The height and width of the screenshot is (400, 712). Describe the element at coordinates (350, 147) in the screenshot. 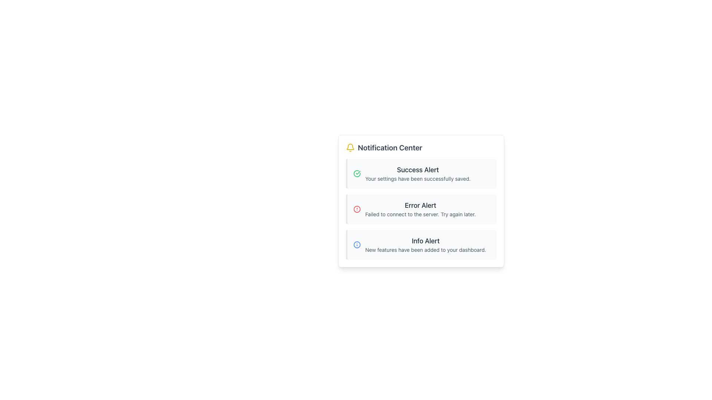

I see `the bright yellow bell icon located to the left of 'Notification Center' in the header section of the notification interface` at that location.